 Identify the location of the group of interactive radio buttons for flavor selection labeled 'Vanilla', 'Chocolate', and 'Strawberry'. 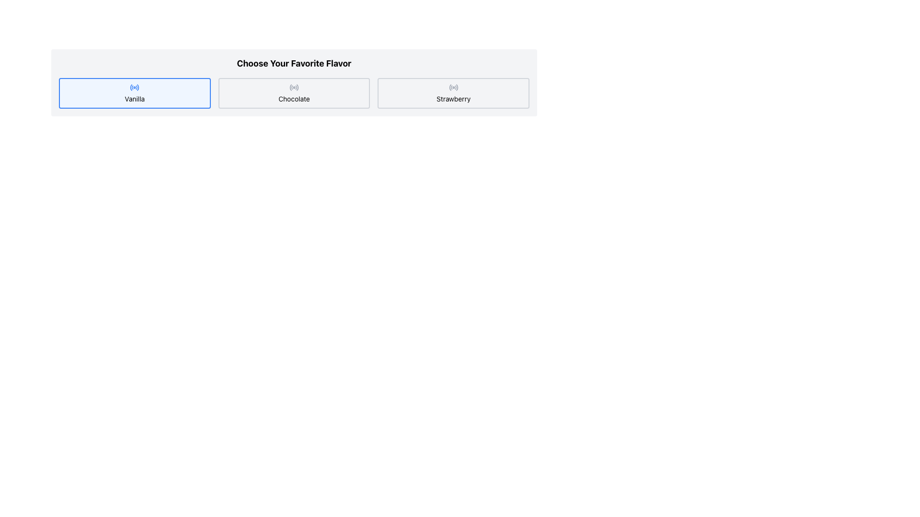
(294, 93).